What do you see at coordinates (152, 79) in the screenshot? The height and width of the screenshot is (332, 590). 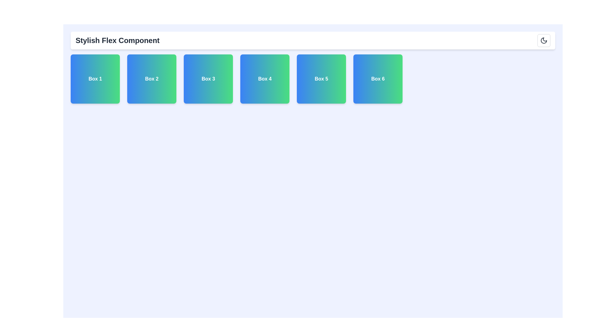 I see `the second interactive visual box in a horizontal sequence of six boxes` at bounding box center [152, 79].